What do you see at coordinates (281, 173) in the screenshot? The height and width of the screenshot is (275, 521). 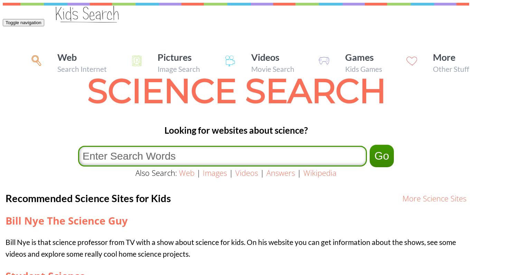 I see `'Answers'` at bounding box center [281, 173].